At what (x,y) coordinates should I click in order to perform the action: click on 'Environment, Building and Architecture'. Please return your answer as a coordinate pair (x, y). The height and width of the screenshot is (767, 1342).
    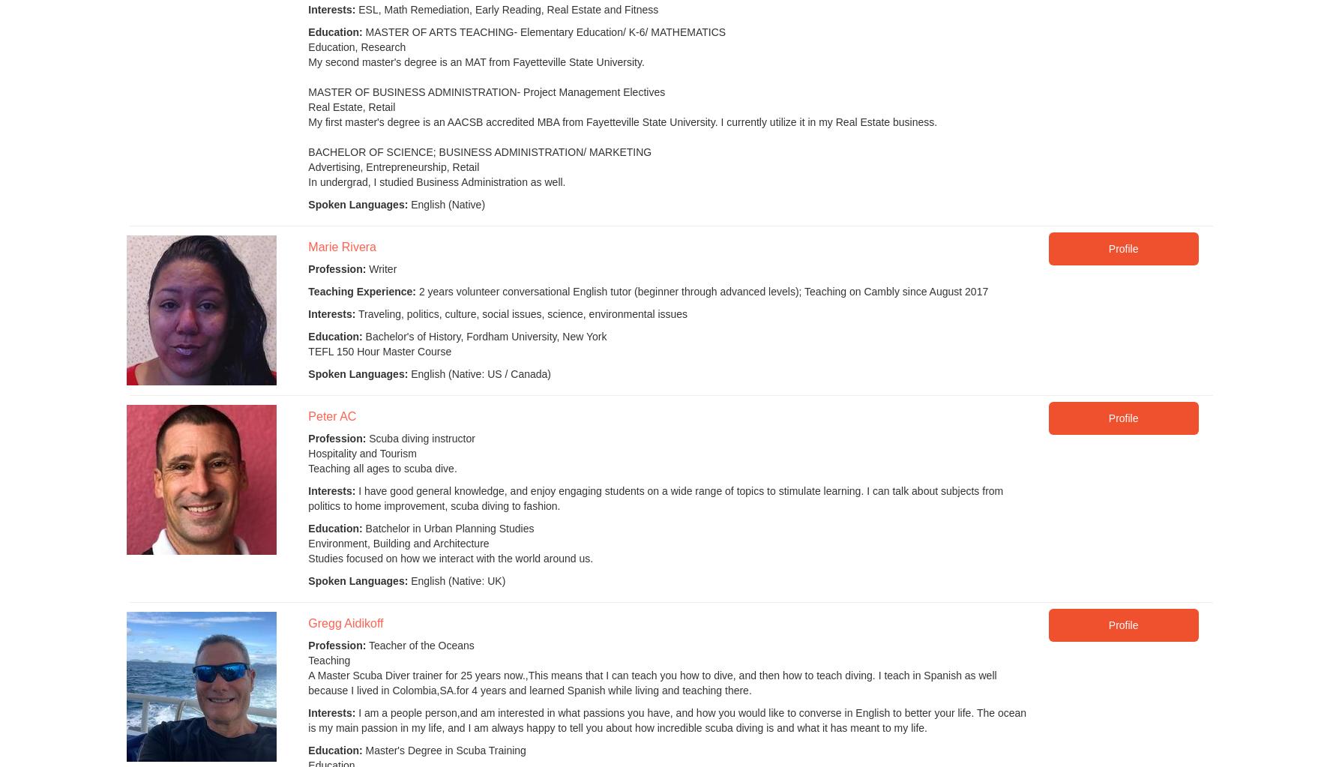
    Looking at the image, I should click on (397, 544).